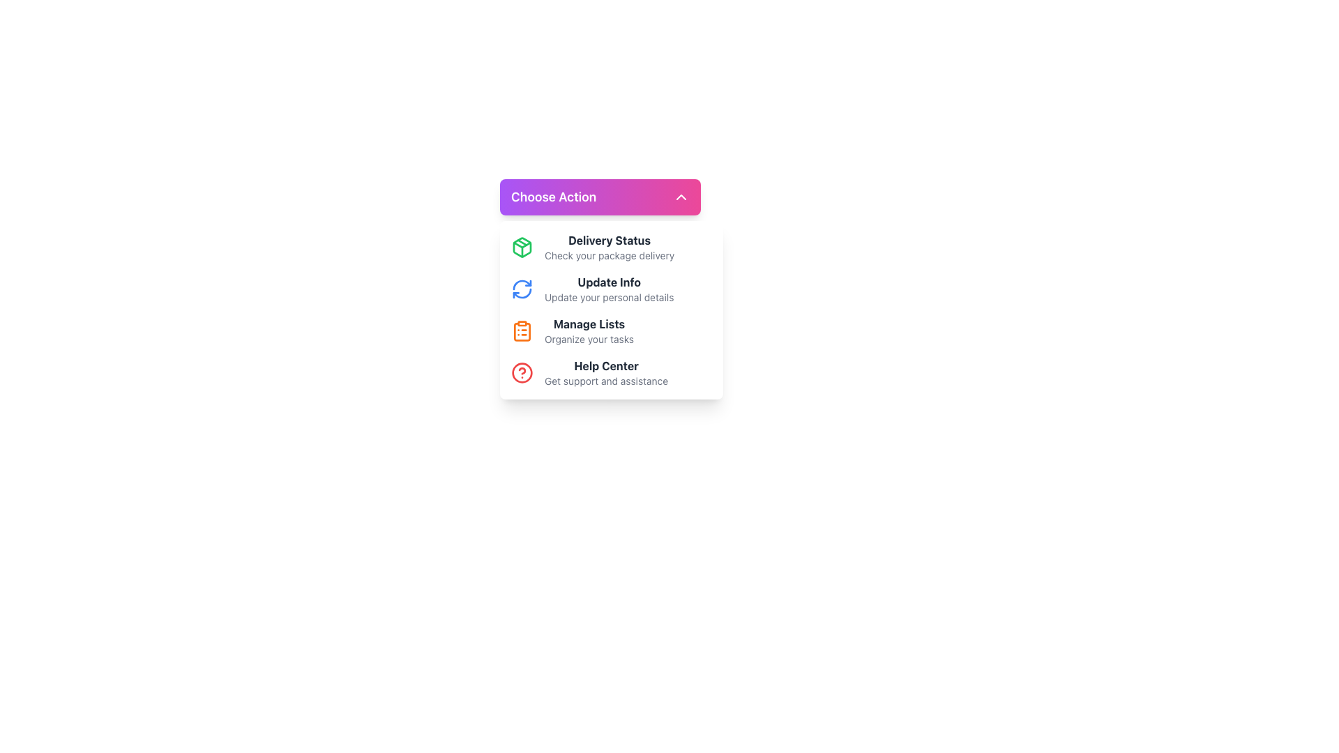  Describe the element at coordinates (589, 330) in the screenshot. I see `the third option in the dropdown menu under the heading 'Choose Action', which is a Text label providing information related to managing lists and organizing tasks` at that location.